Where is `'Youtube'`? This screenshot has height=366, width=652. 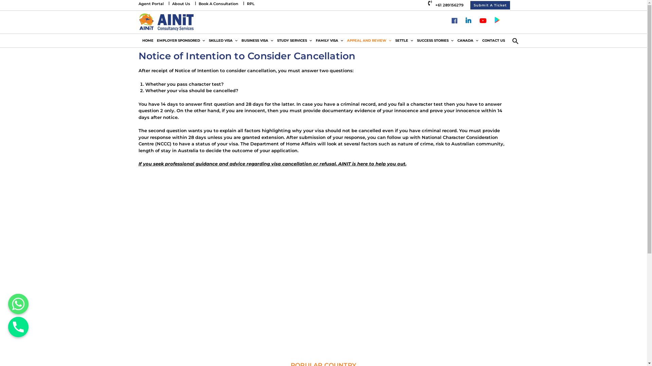 'Youtube' is located at coordinates (482, 21).